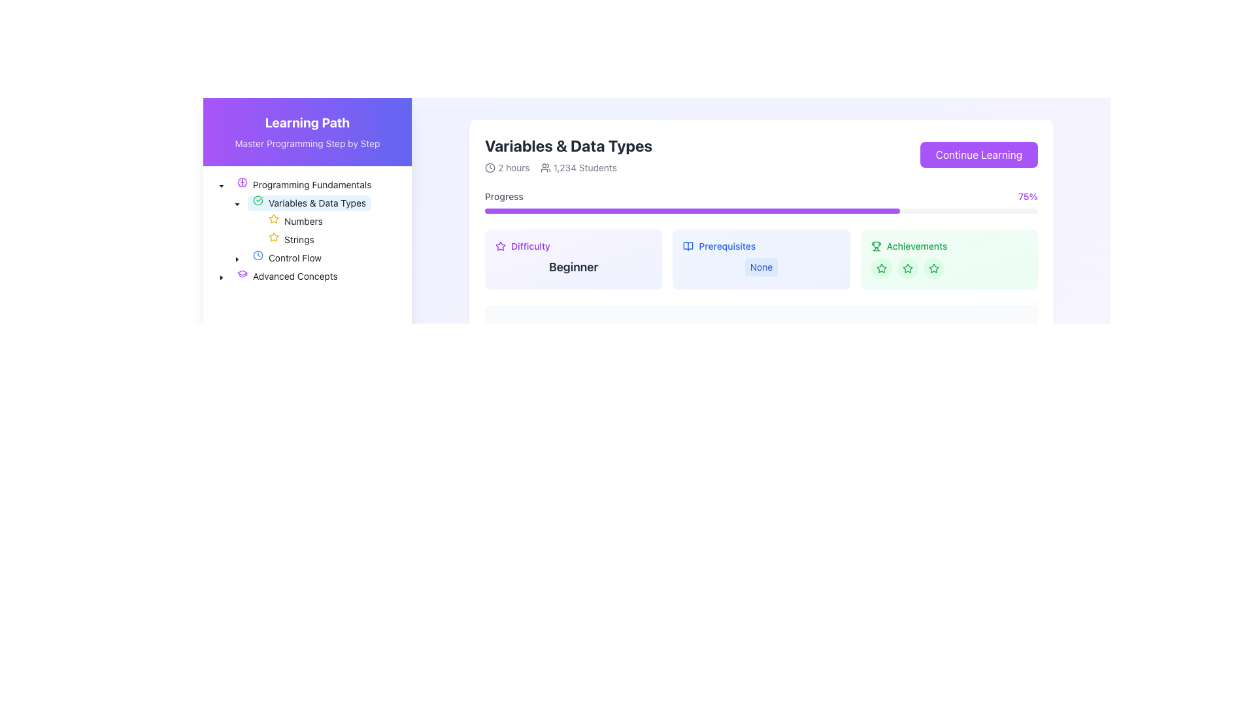 The image size is (1255, 706). Describe the element at coordinates (692, 210) in the screenshot. I see `the purple progress bar located in the 'Progress' section of the 'Variables & Data Types' interface, which is visually represented as a filled horizontal rectangular bar with rounded corners` at that location.